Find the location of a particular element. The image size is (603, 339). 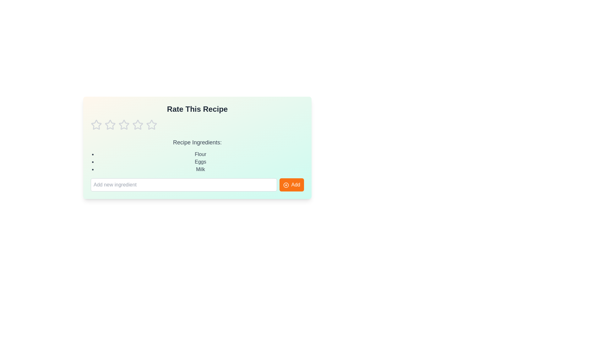

the star corresponding to the rating 5 to set the recipe rating is located at coordinates (152, 125).